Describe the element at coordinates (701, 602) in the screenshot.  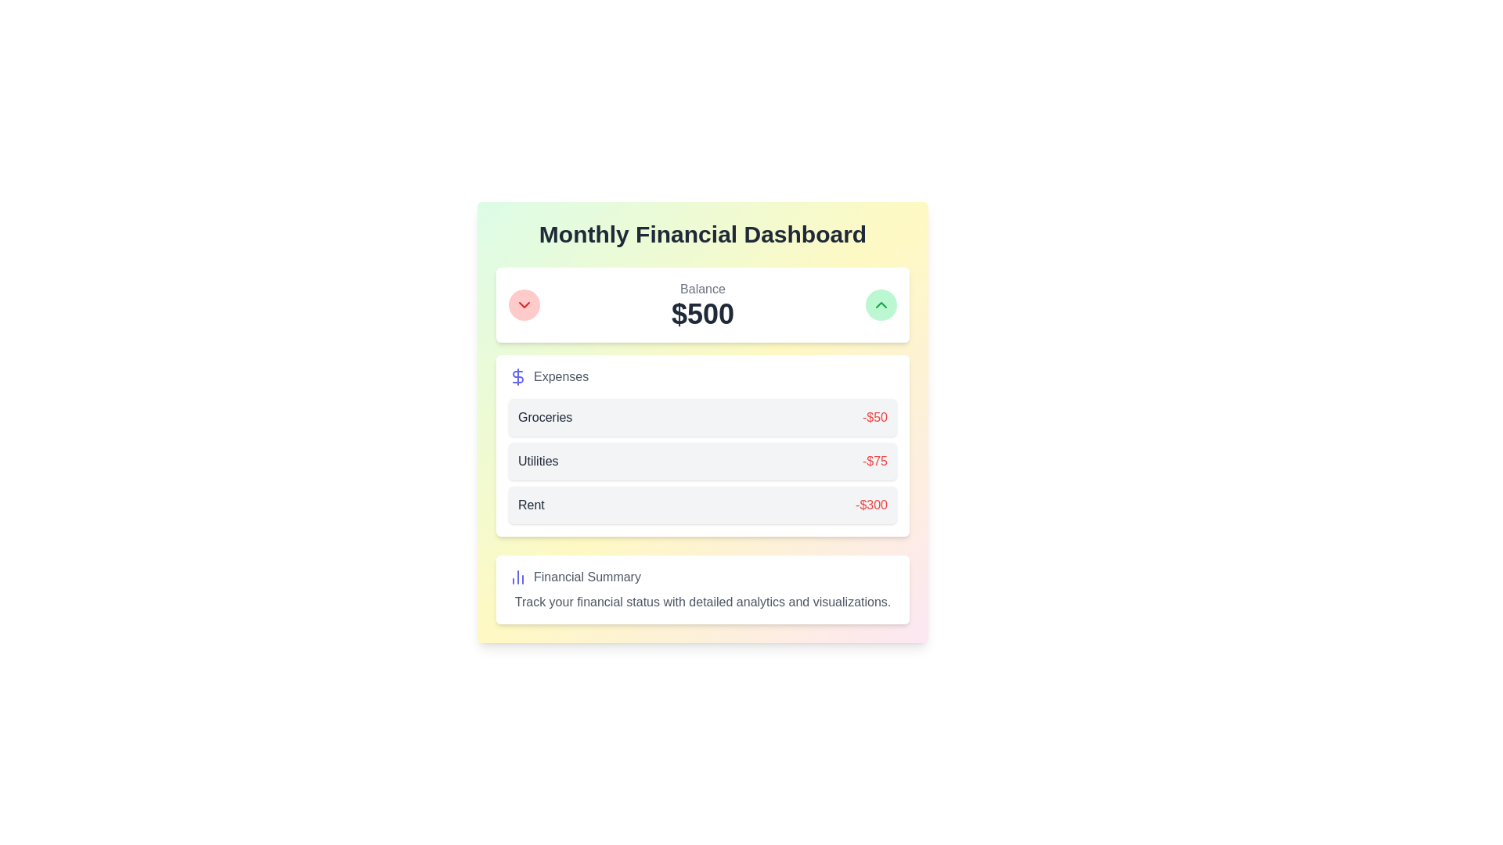
I see `the text label that says 'Track your financial status with detailed analytics and visualizations.' located within the 'Financial Summary' card` at that location.